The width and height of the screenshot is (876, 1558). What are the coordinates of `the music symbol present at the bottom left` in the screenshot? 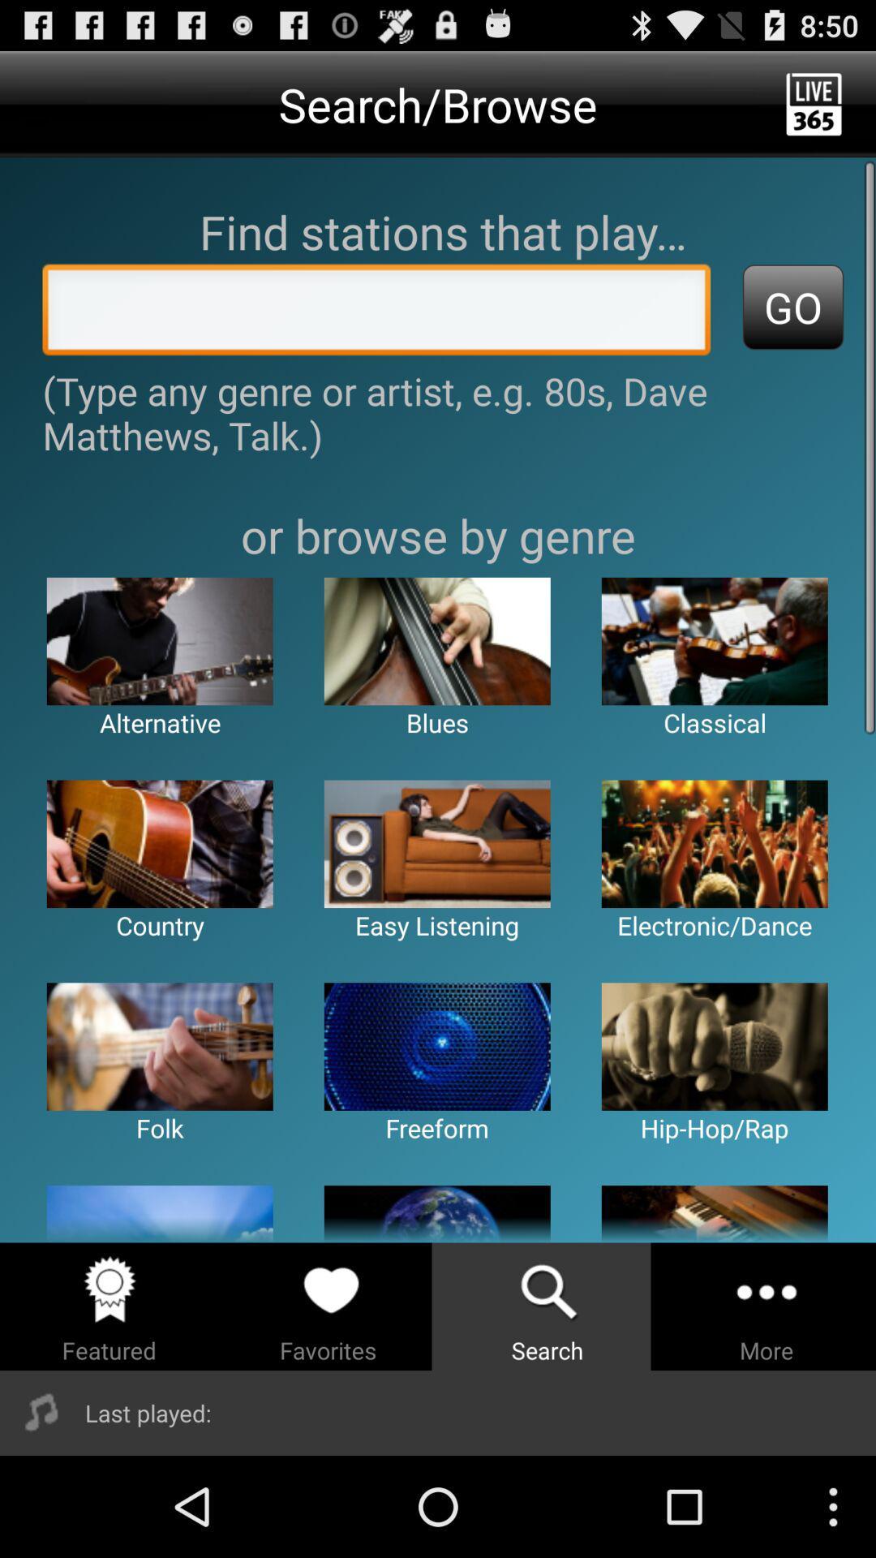 It's located at (41, 1412).